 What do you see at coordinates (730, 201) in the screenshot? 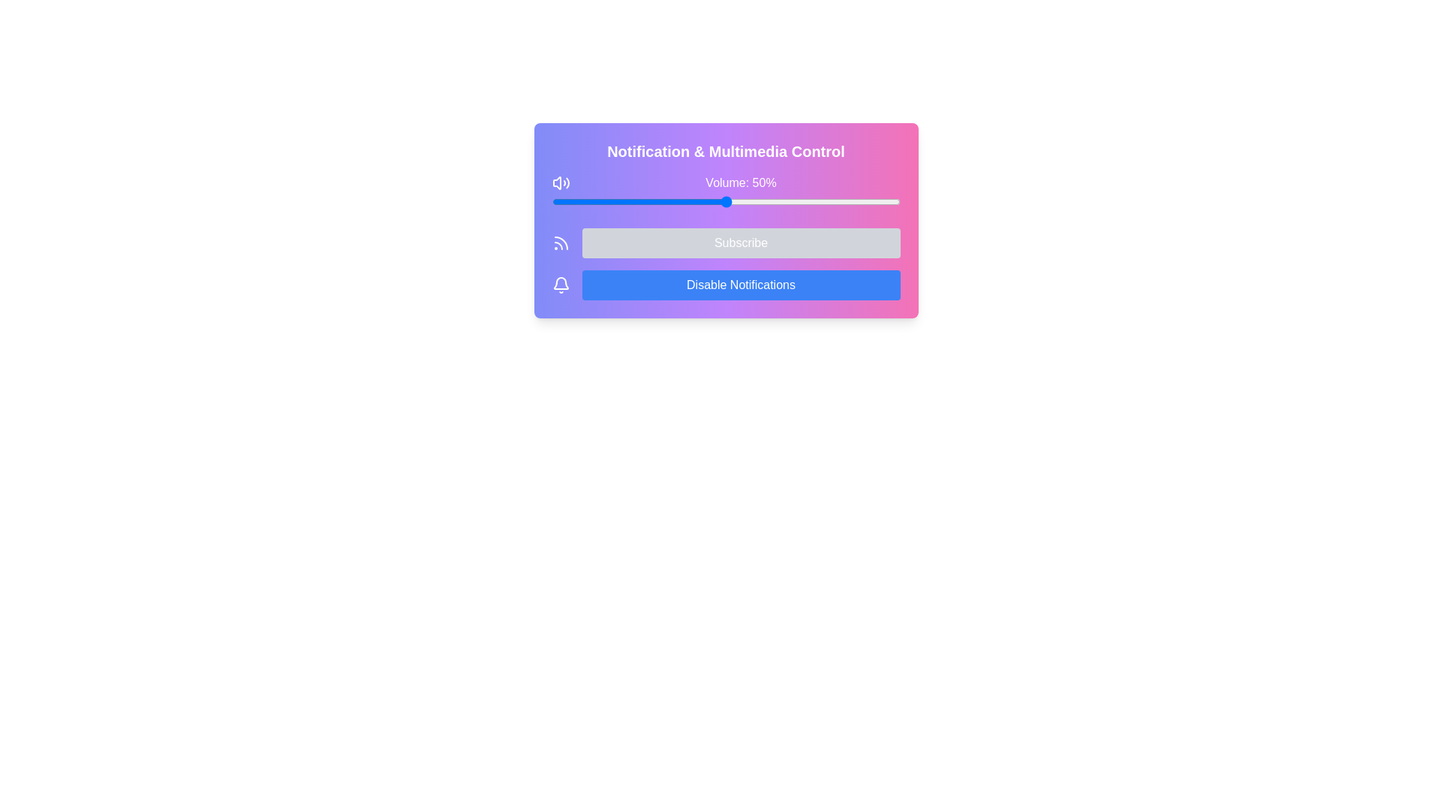
I see `the volume slider` at bounding box center [730, 201].